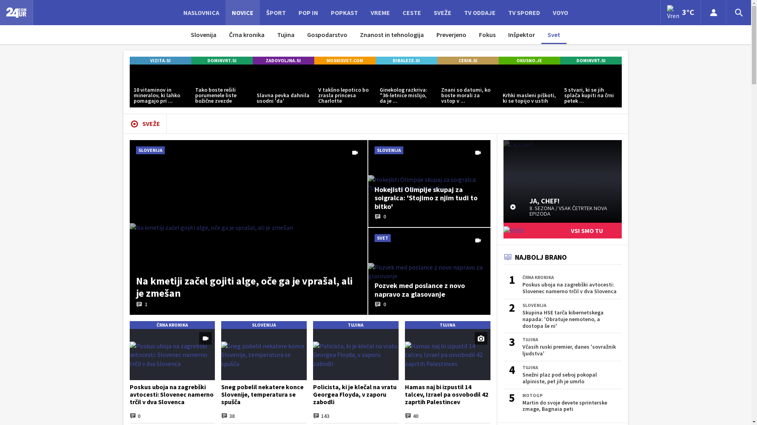  I want to click on 'OKUSNO.JE', so click(529, 60).